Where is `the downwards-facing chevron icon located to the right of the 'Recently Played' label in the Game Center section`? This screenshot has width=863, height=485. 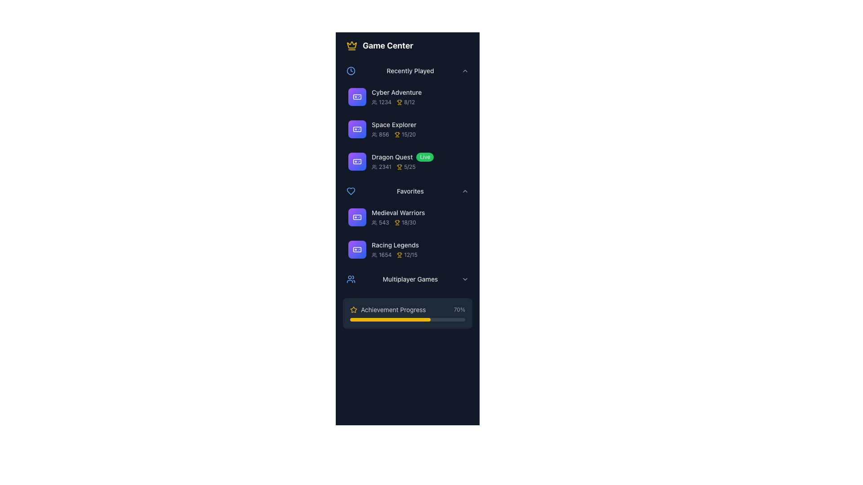
the downwards-facing chevron icon located to the right of the 'Recently Played' label in the Game Center section is located at coordinates (465, 71).